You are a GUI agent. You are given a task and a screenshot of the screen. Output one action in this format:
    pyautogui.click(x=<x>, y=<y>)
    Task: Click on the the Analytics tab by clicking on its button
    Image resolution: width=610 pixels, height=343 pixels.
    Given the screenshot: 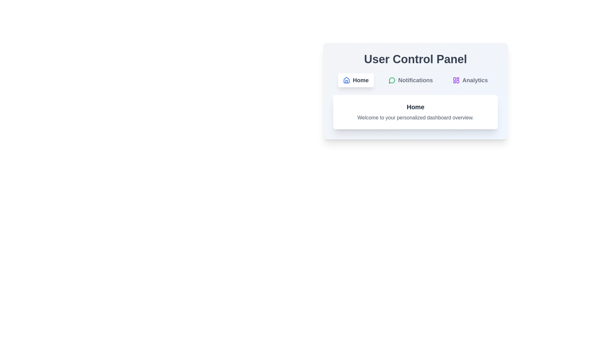 What is the action you would take?
    pyautogui.click(x=470, y=80)
    